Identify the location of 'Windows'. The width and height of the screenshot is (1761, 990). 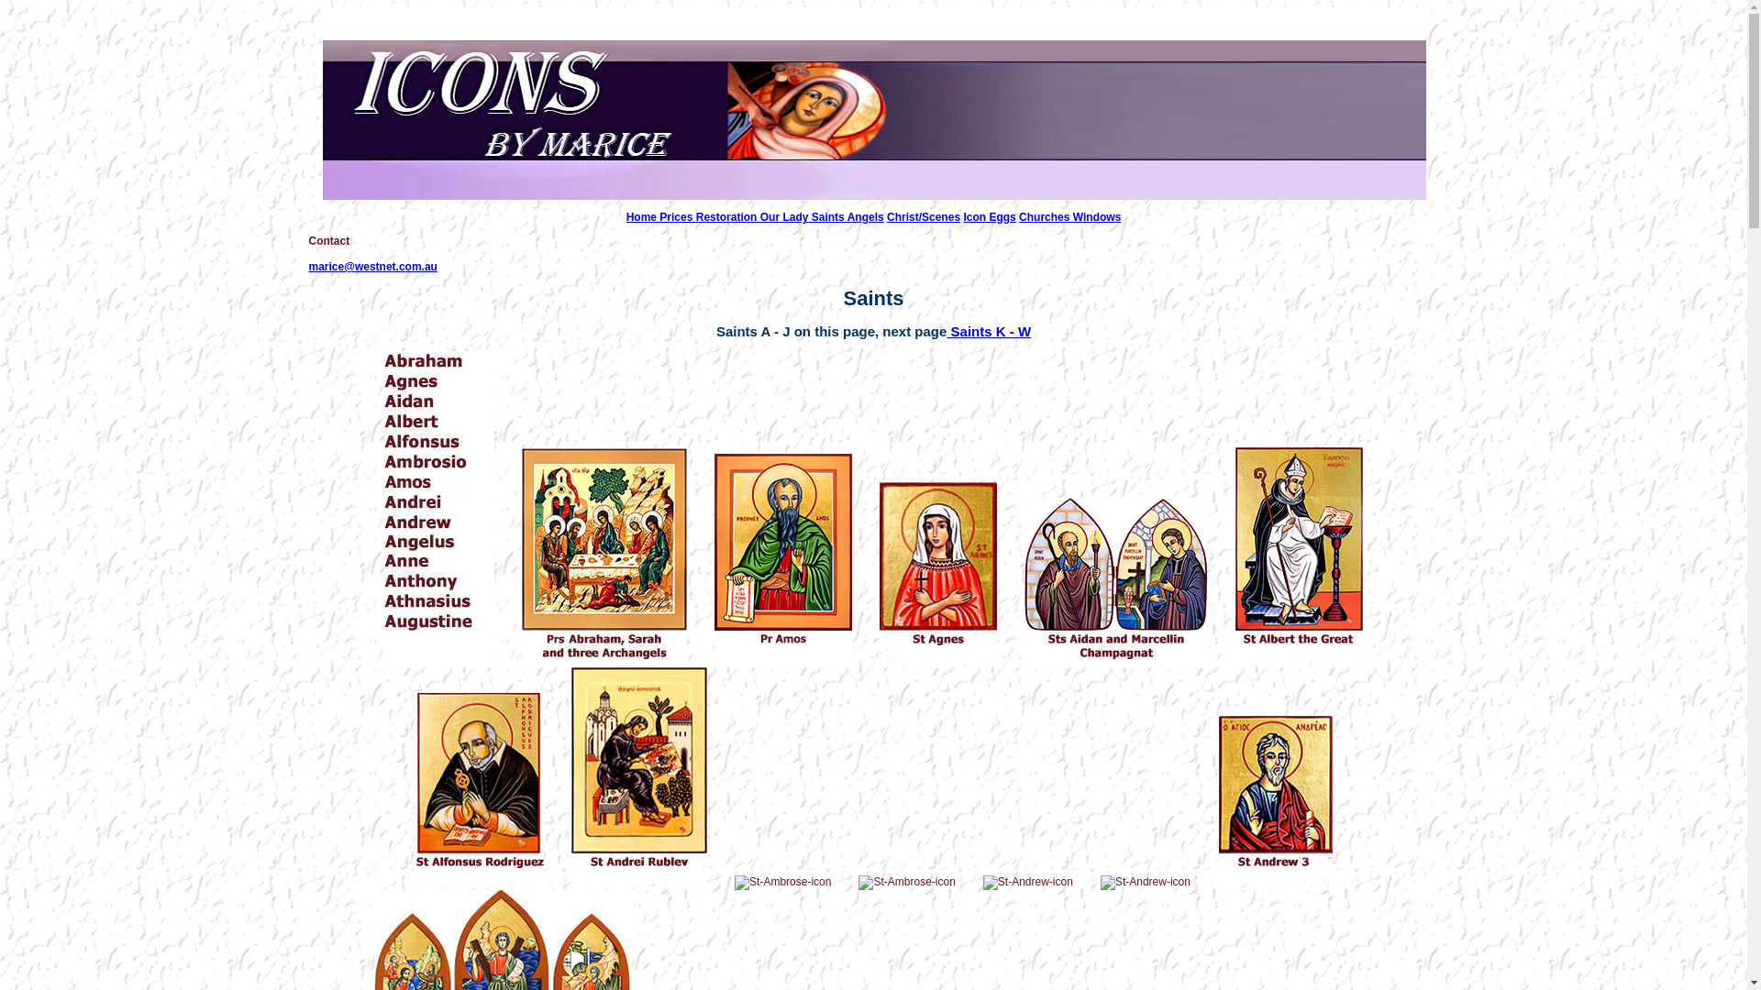
(1097, 215).